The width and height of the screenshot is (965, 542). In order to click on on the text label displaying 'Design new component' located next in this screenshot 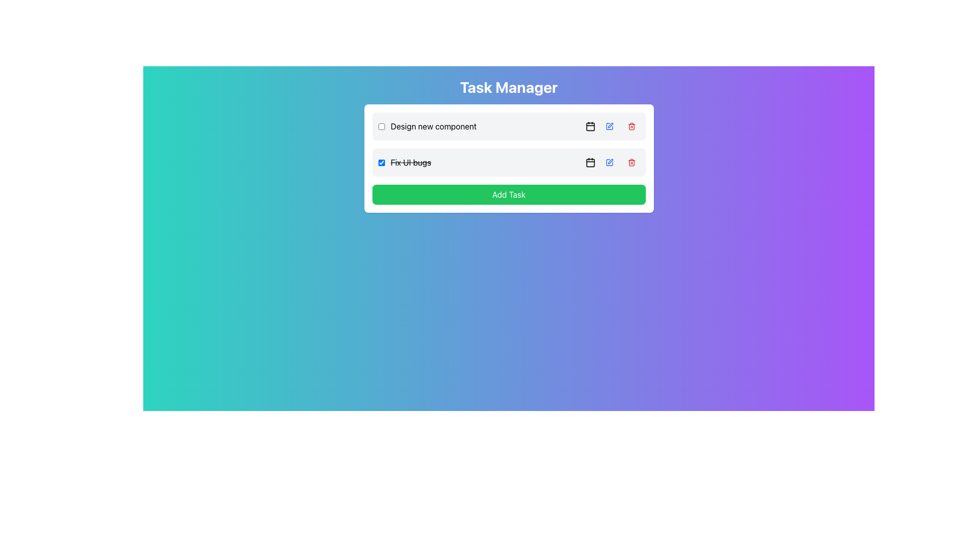, I will do `click(434, 125)`.